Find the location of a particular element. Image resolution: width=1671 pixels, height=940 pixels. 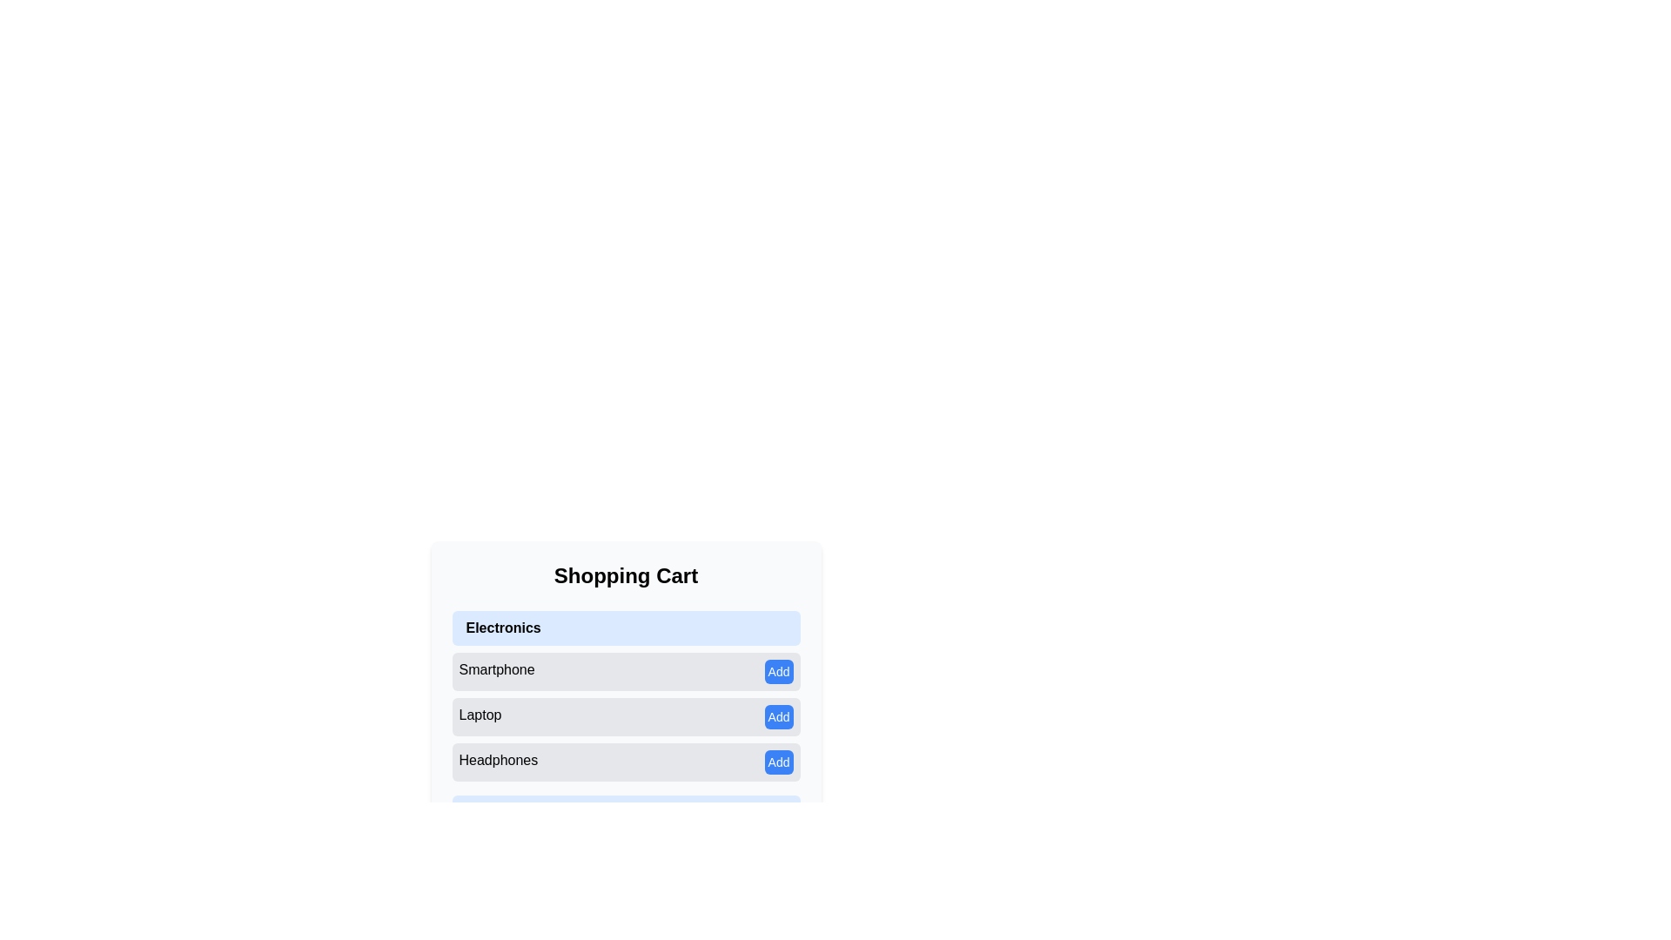

the 'Headphones' text label, which is a black, centered text in a light gray background, positioned in the third row of a list under the 'Shopping Cart' header is located at coordinates (497, 761).